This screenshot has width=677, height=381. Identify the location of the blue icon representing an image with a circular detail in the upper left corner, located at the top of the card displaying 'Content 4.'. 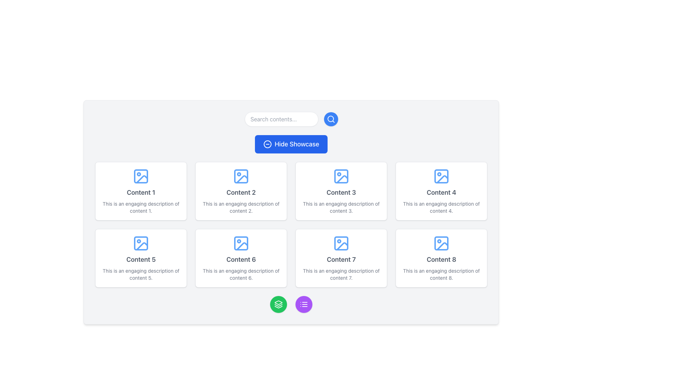
(441, 176).